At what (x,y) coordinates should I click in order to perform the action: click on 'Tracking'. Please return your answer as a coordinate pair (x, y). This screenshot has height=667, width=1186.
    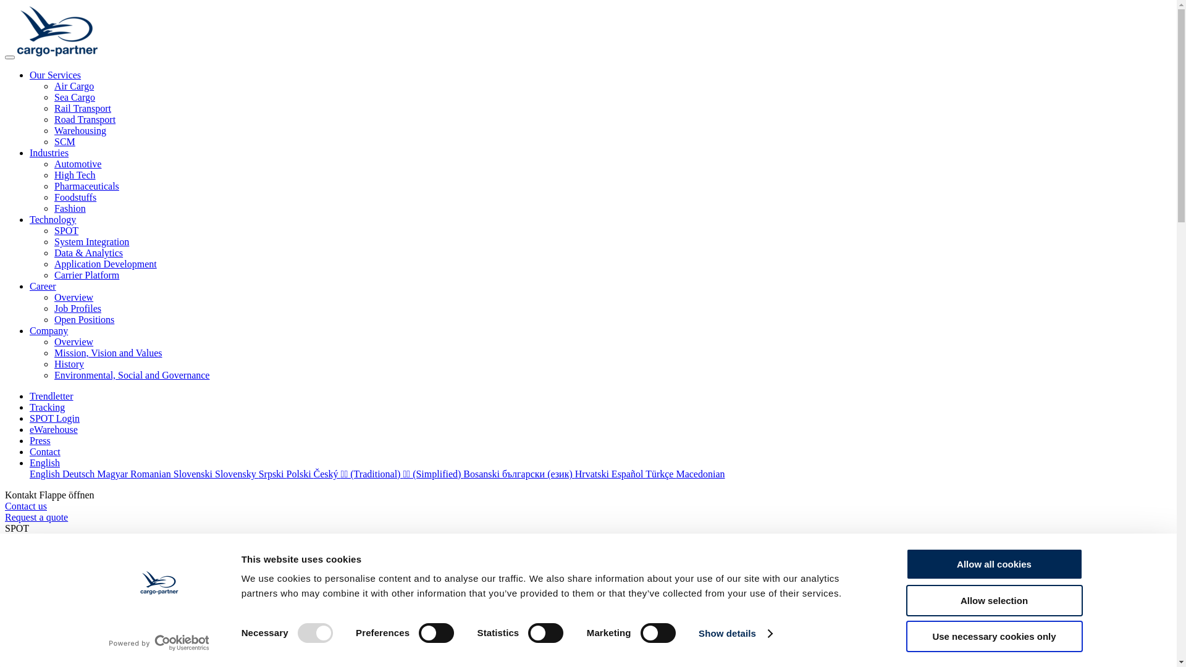
    Looking at the image, I should click on (47, 407).